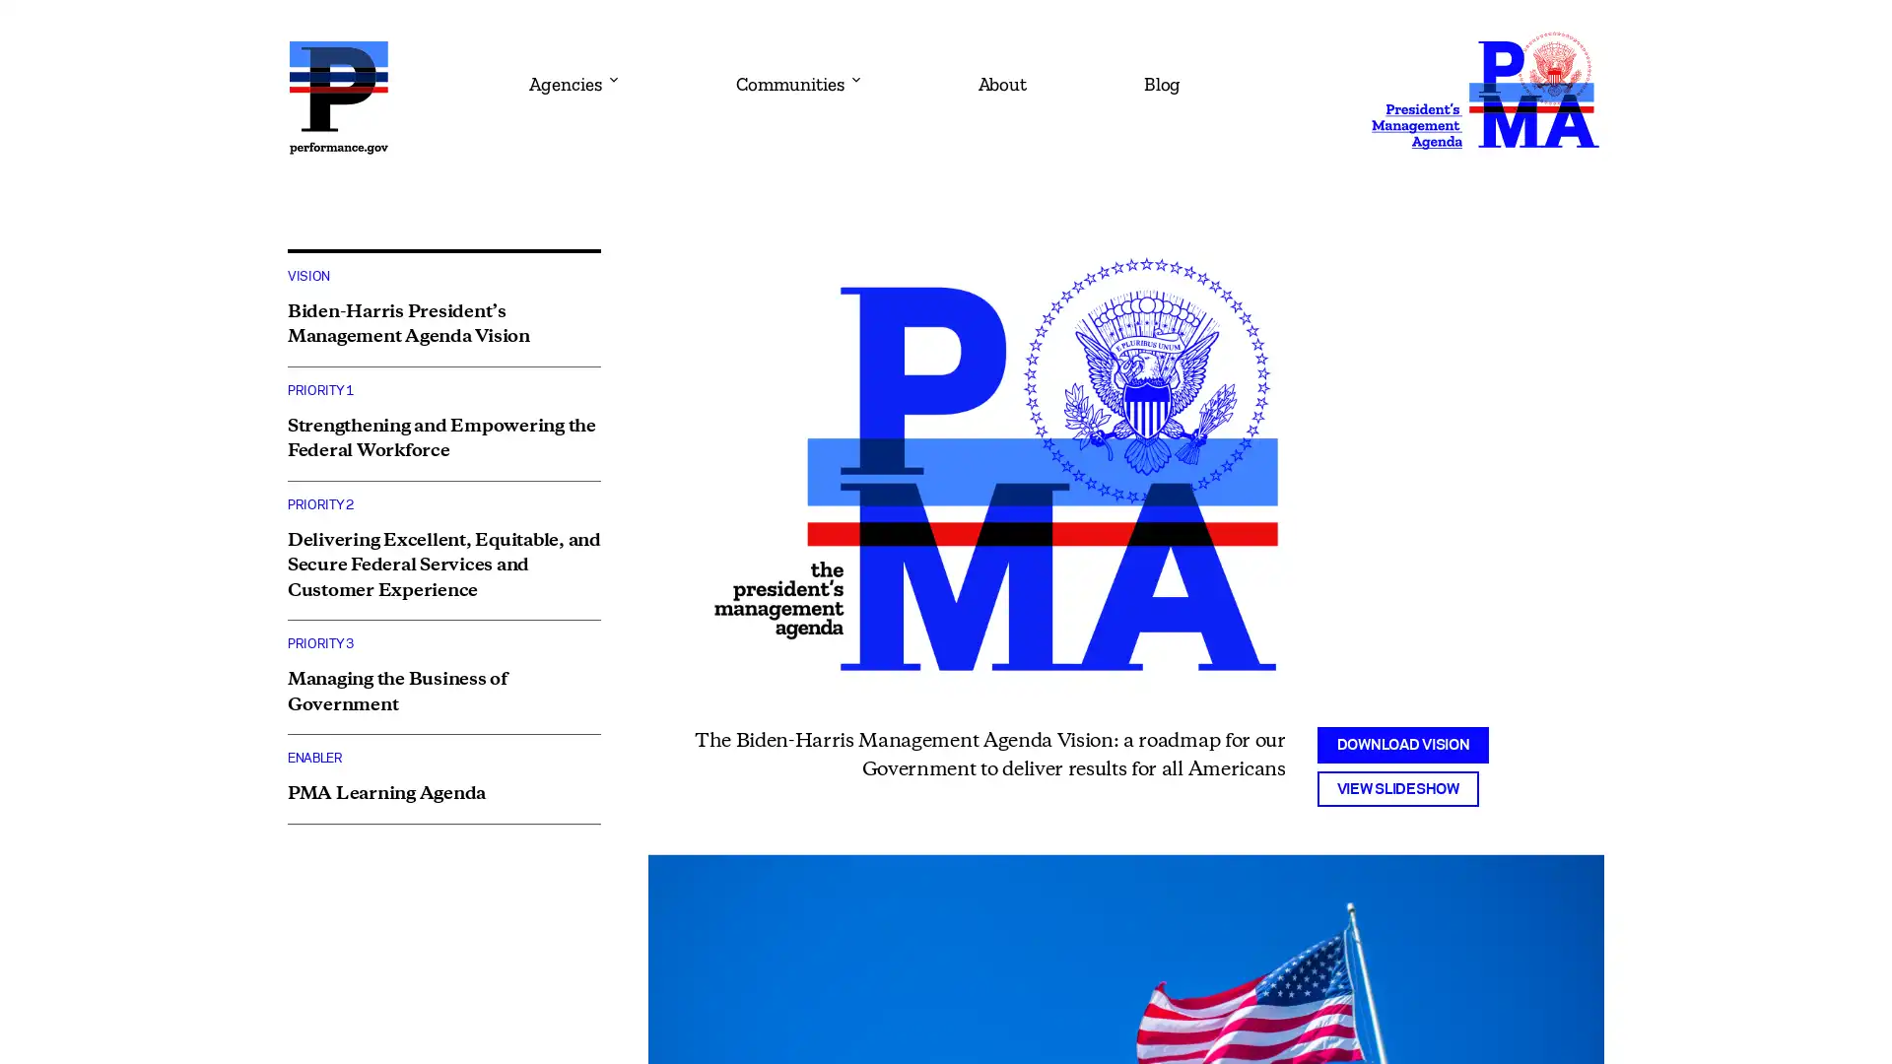  Describe the element at coordinates (571, 77) in the screenshot. I see `Agencies` at that location.